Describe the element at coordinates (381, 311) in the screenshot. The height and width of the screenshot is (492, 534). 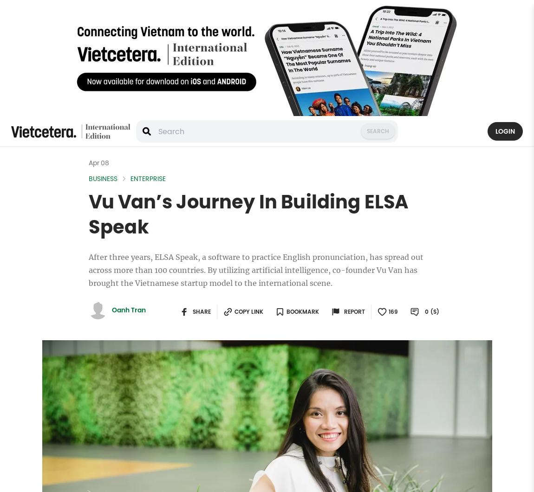
I see `'+'` at that location.